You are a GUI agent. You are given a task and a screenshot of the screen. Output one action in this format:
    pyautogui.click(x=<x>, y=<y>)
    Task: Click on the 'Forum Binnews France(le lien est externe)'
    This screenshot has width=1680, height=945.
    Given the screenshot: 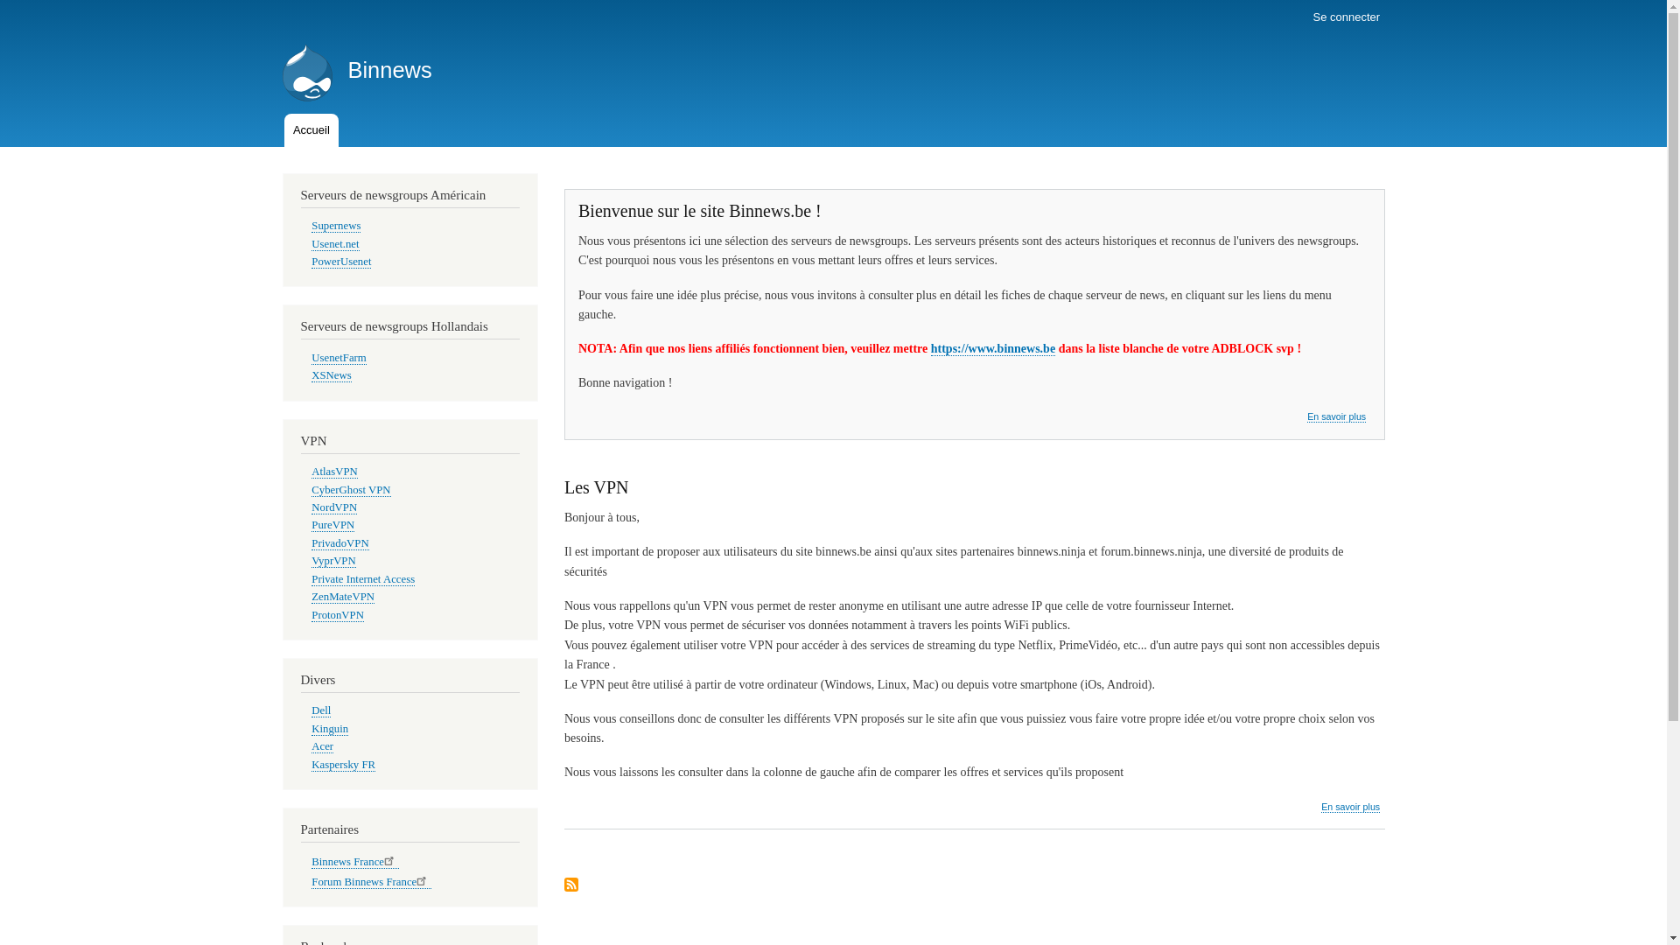 What is the action you would take?
    pyautogui.click(x=311, y=882)
    